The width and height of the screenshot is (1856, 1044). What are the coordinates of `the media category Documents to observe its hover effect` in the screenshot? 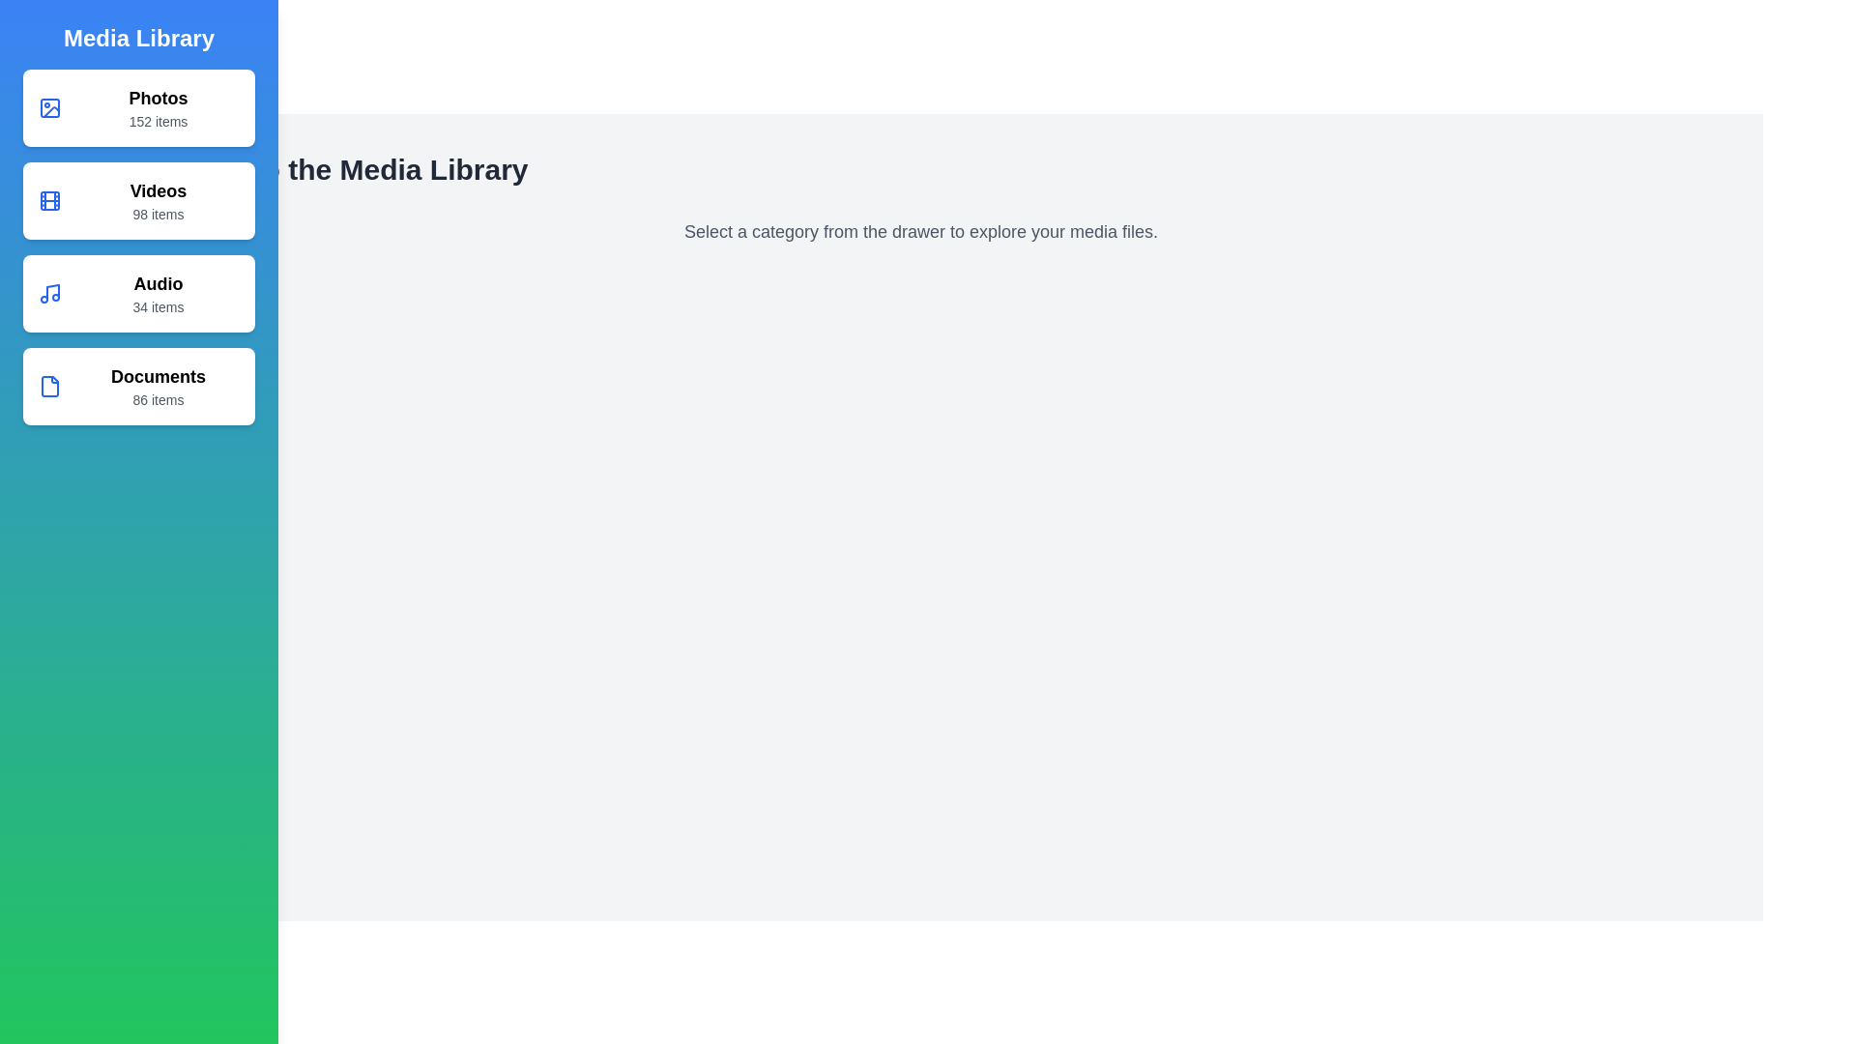 It's located at (138, 387).